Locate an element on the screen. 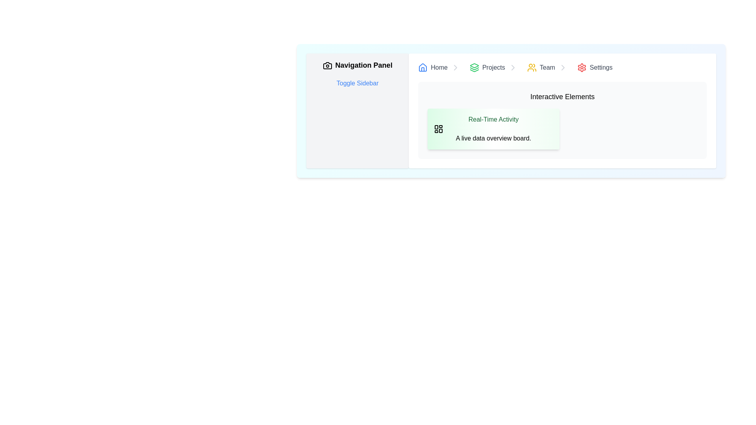 This screenshot has width=756, height=425. the interactive link labeled 'Team' in the breadcrumb navigation bar is located at coordinates (548, 67).